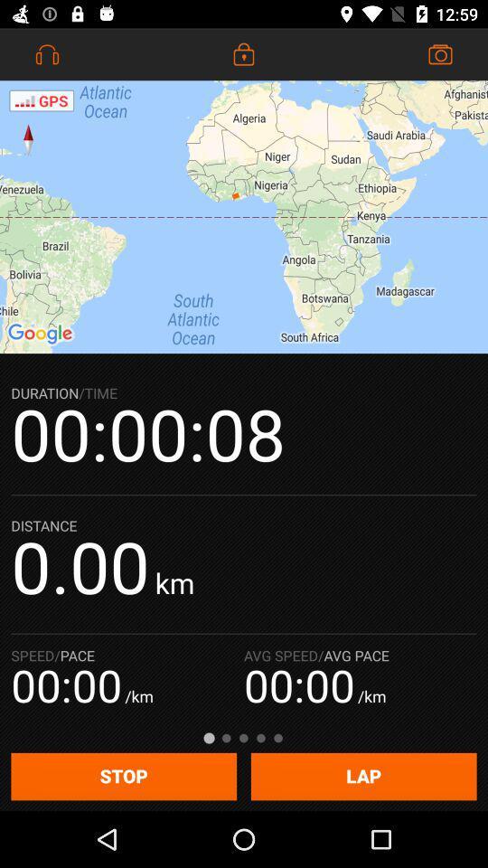 This screenshot has width=488, height=868. I want to click on stop left to lap, so click(122, 776).